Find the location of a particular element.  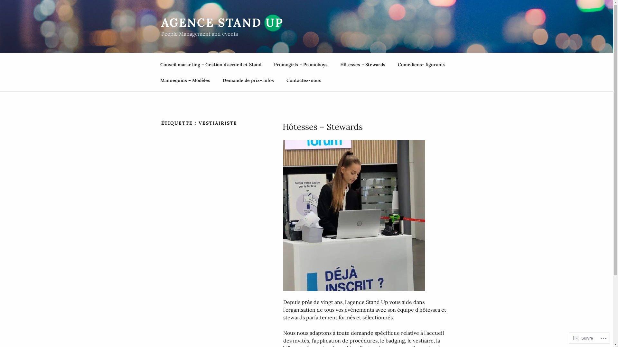

'Demande de prix- infos' is located at coordinates (248, 80).